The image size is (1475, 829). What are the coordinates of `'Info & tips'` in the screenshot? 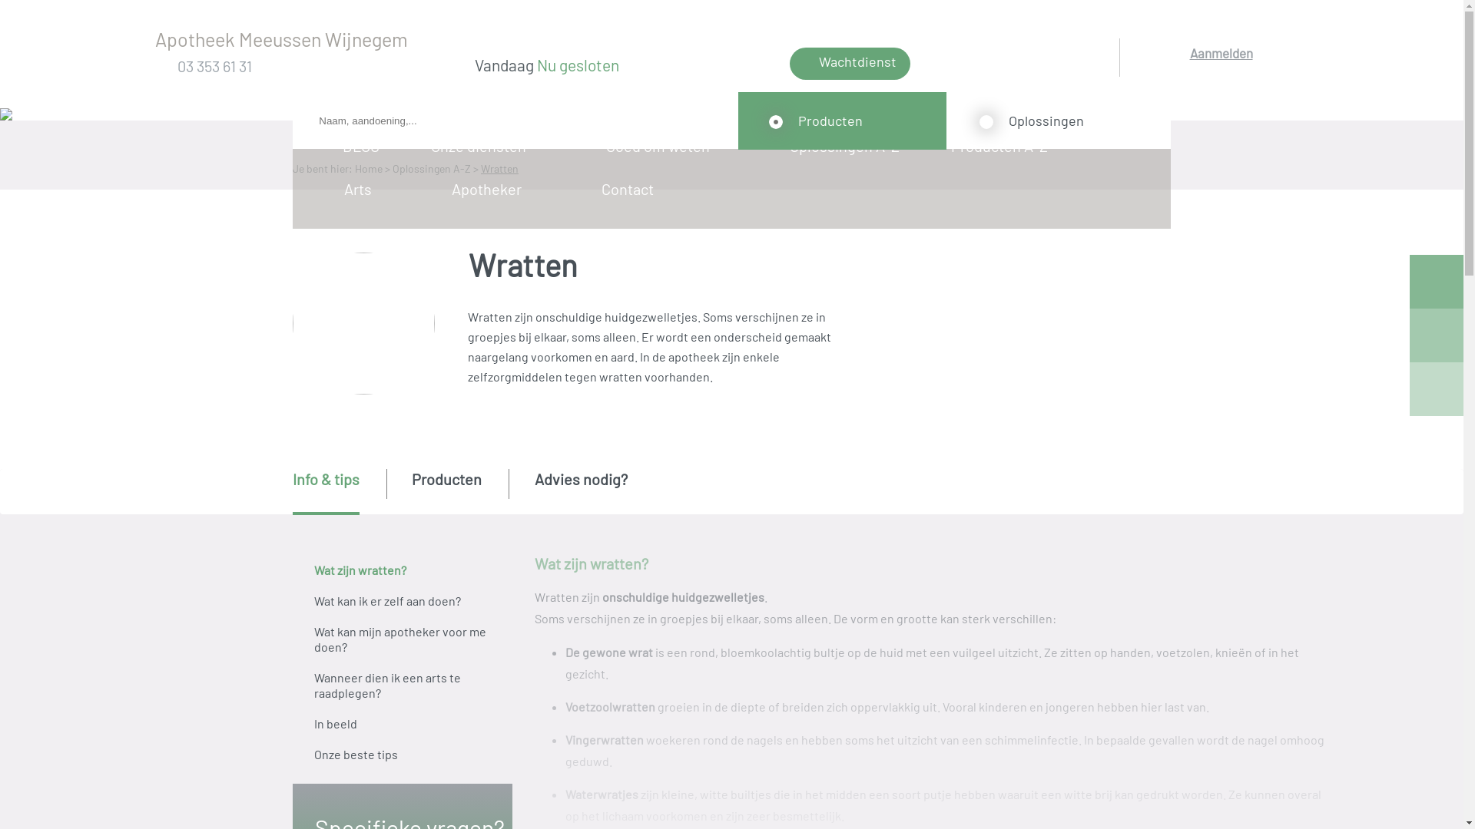 It's located at (292, 491).